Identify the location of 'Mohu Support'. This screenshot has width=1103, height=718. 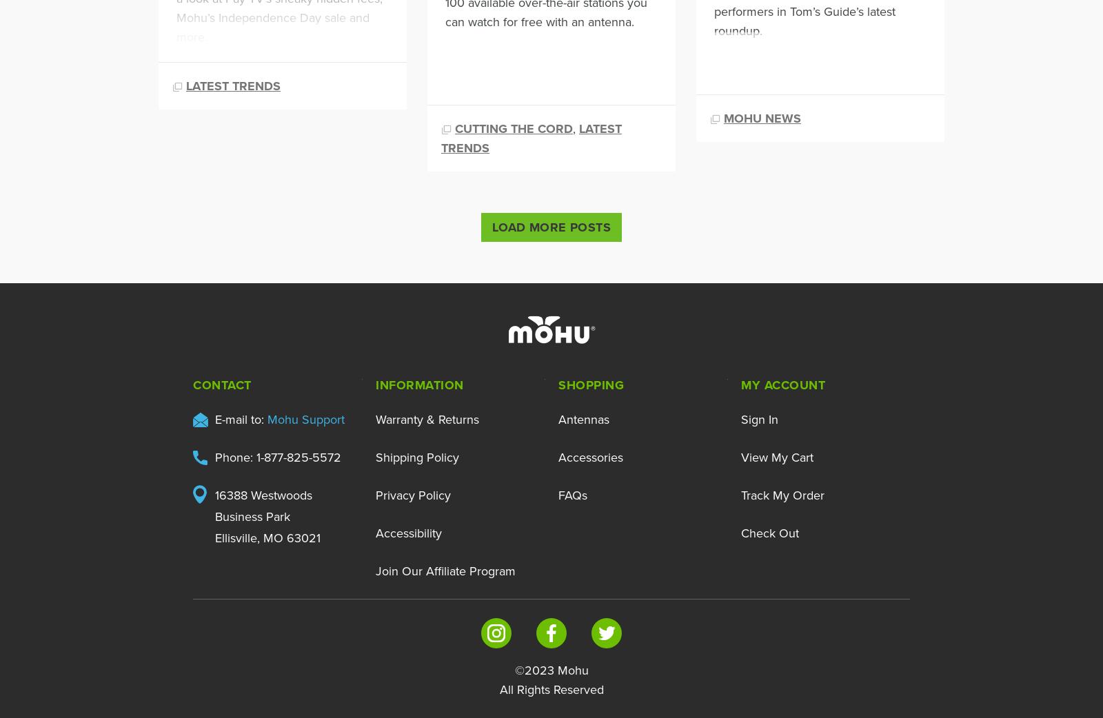
(305, 418).